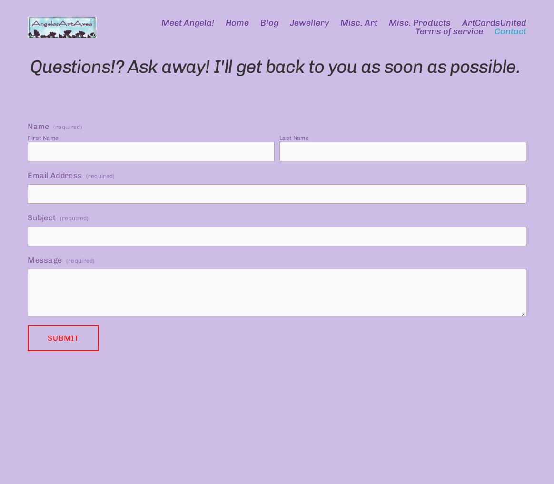  Describe the element at coordinates (268, 22) in the screenshot. I see `'Blog'` at that location.